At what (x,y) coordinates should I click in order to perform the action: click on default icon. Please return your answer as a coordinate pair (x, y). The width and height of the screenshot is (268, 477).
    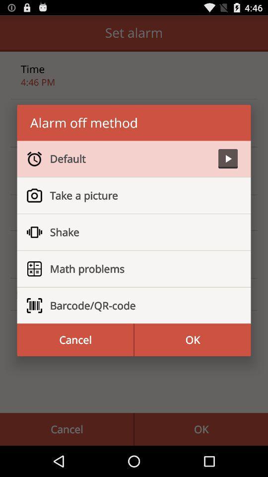
    Looking at the image, I should click on (130, 159).